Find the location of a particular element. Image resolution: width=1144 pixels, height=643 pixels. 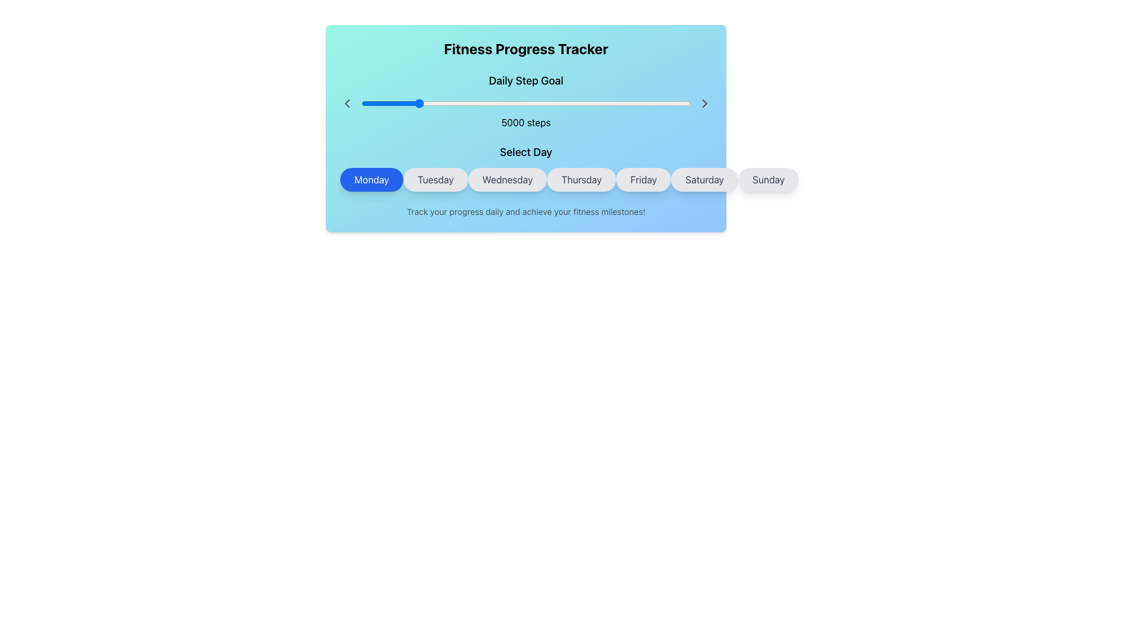

the step goal is located at coordinates (478, 102).